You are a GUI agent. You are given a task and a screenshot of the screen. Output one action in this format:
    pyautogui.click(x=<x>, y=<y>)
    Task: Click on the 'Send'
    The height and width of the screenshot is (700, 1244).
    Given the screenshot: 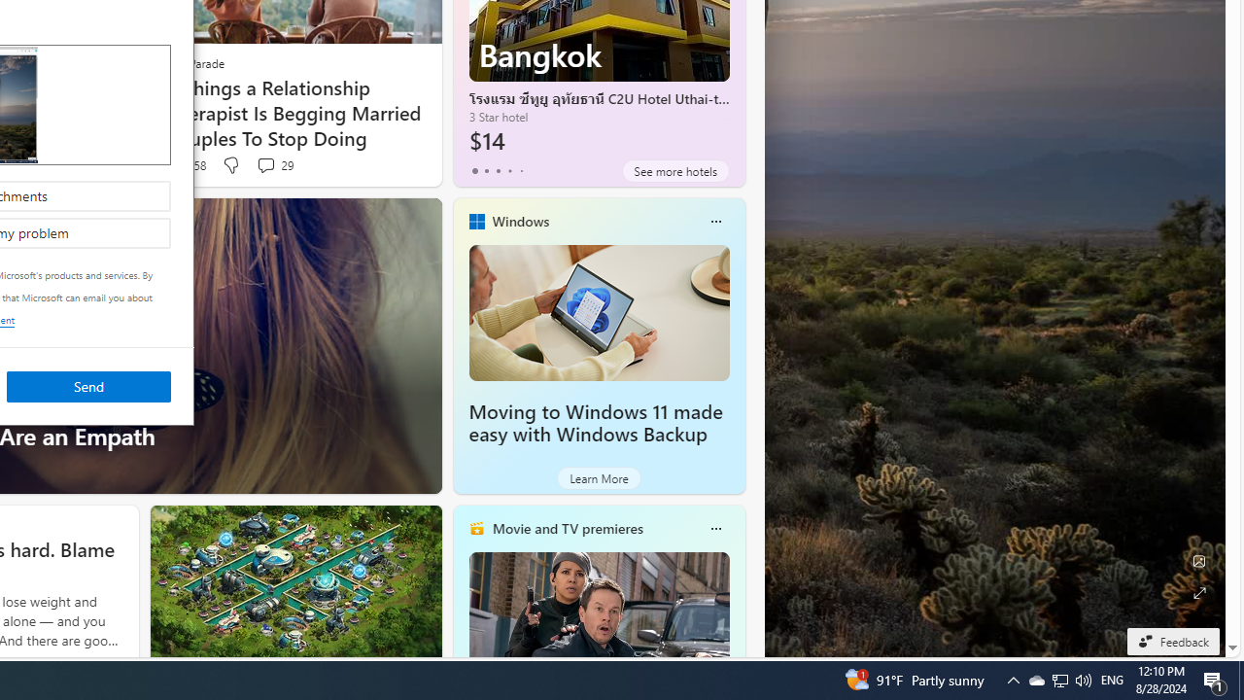 What is the action you would take?
    pyautogui.click(x=87, y=386)
    